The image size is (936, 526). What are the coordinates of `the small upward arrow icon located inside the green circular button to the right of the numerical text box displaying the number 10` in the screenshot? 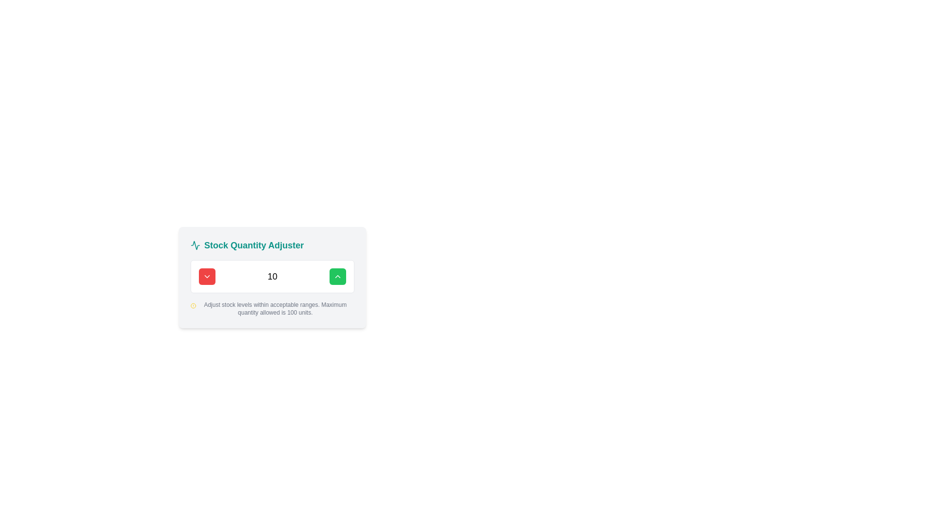 It's located at (337, 276).